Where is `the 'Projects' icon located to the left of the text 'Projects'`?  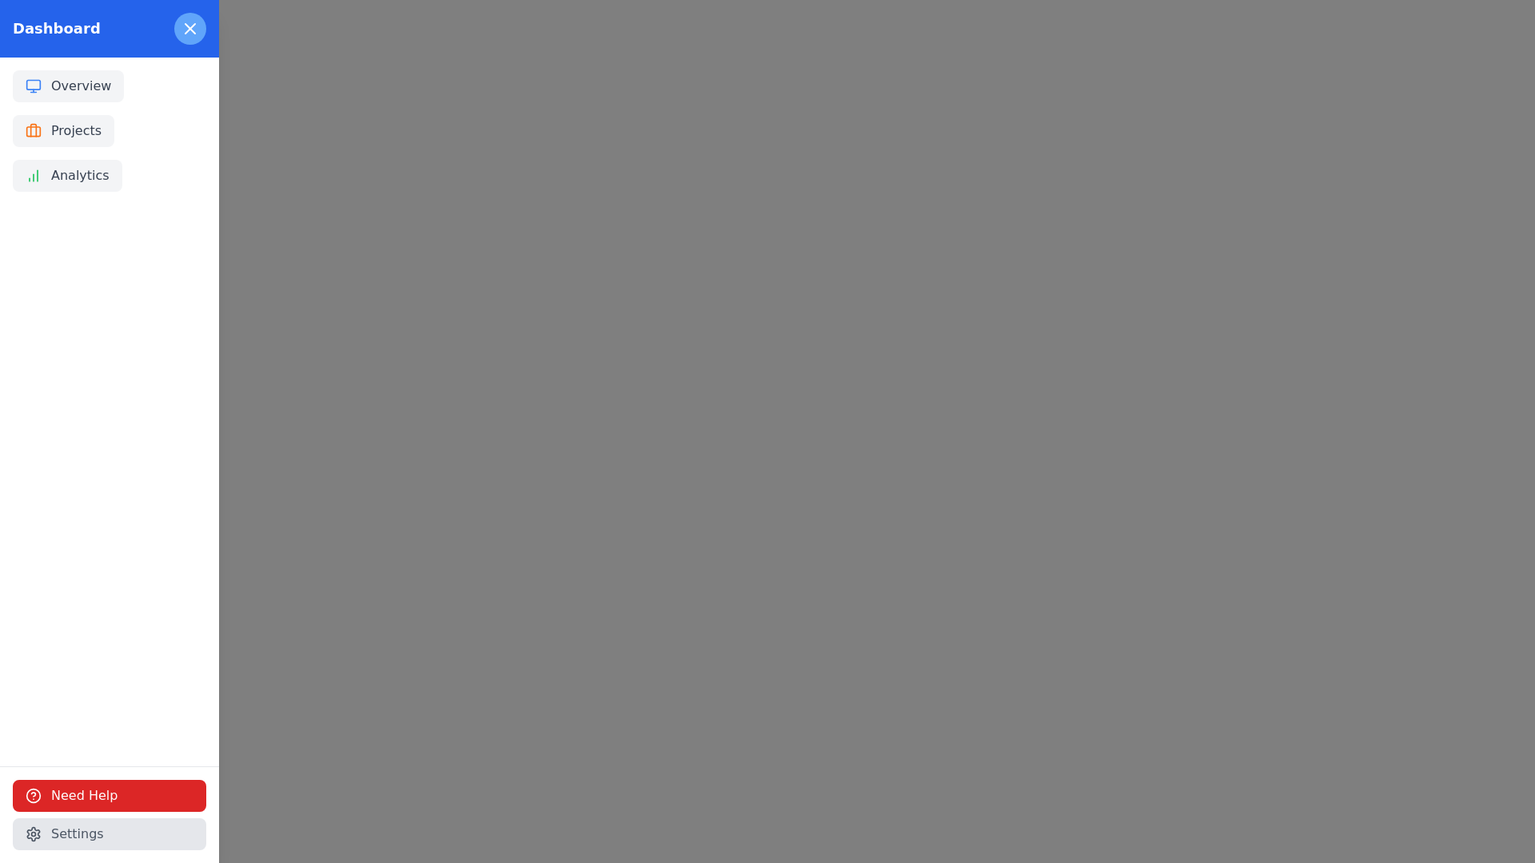 the 'Projects' icon located to the left of the text 'Projects' is located at coordinates (34, 130).